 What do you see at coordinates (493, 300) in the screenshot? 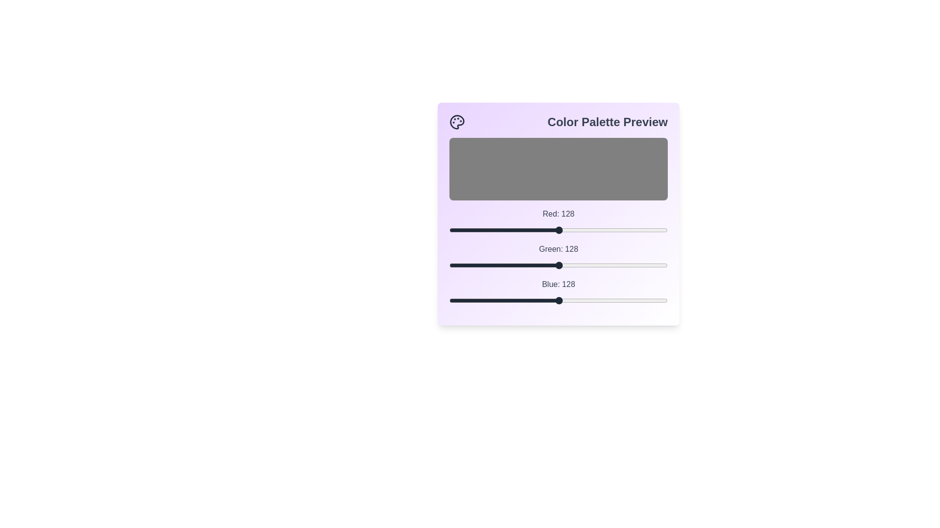
I see `the blue component` at bounding box center [493, 300].